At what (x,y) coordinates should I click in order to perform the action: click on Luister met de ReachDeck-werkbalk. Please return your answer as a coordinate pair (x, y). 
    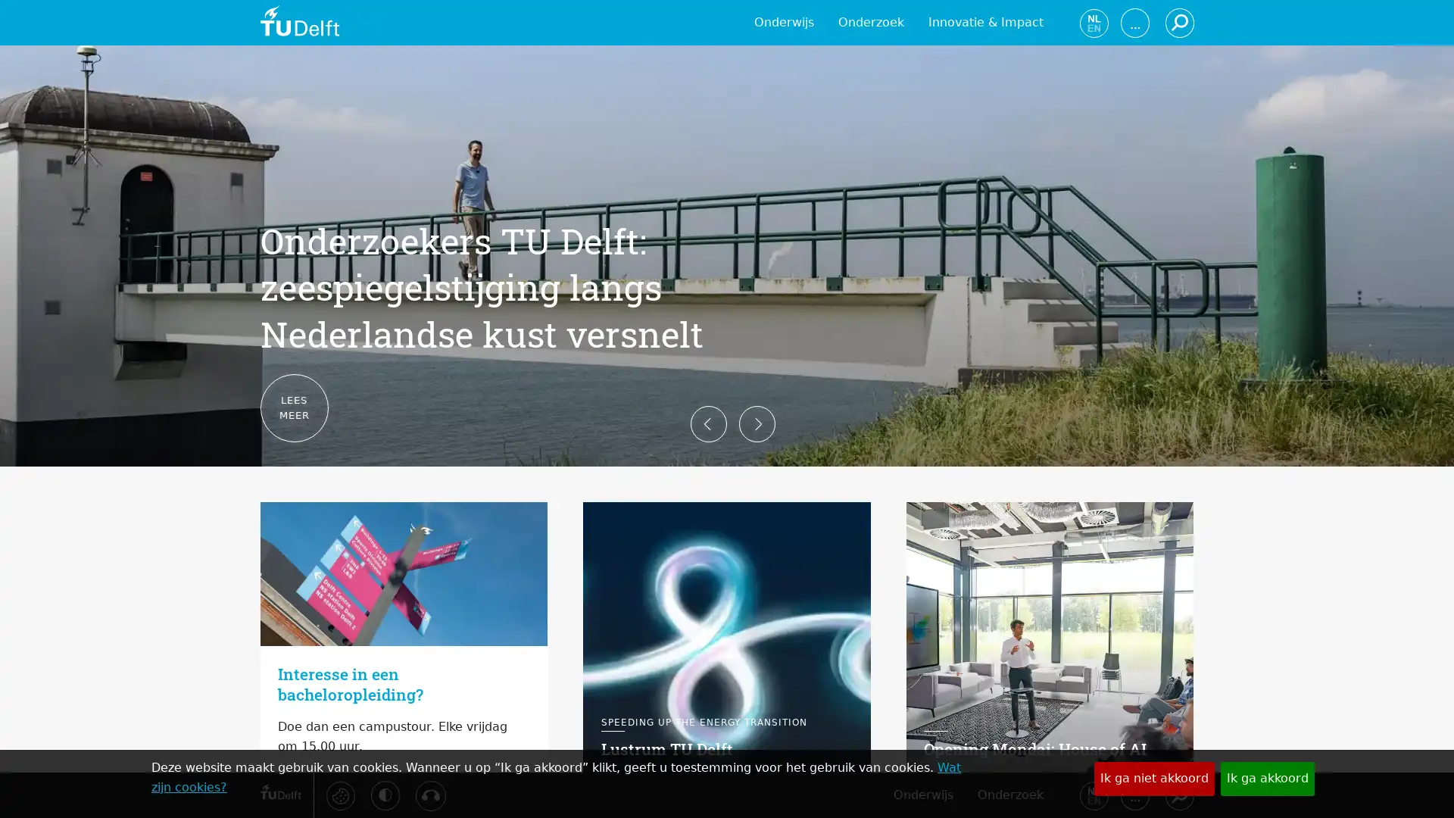
    Looking at the image, I should click on (429, 795).